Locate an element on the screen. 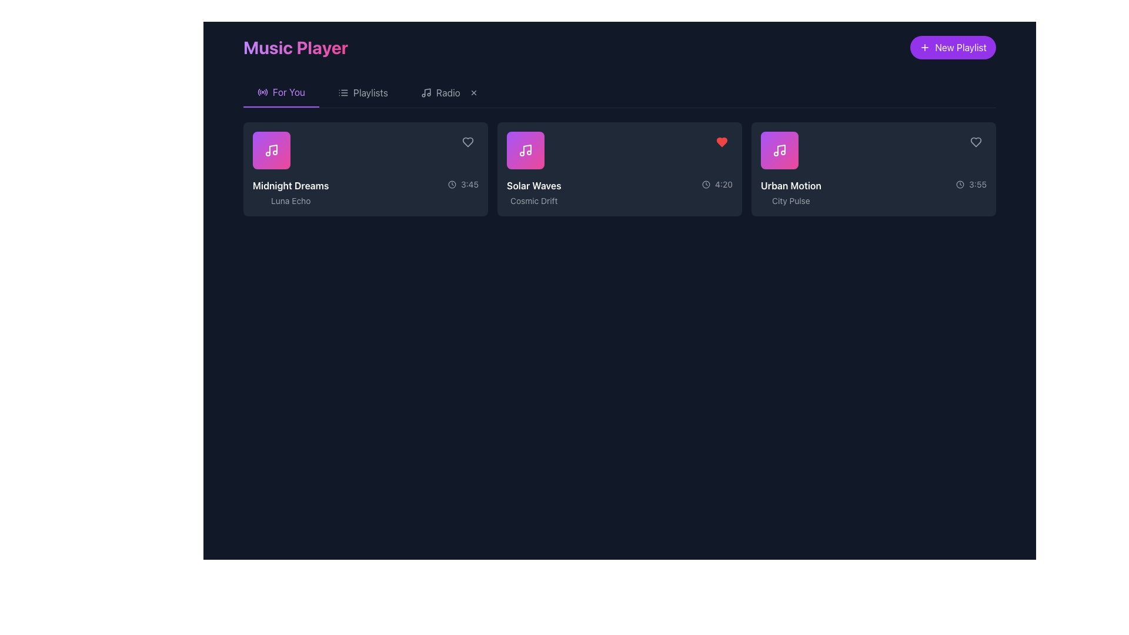 The width and height of the screenshot is (1129, 635). the text label displaying the duration of the song 'Midnight Dreams', located at the bottom-right part of the music item, next to the clock icon is located at coordinates (462, 184).